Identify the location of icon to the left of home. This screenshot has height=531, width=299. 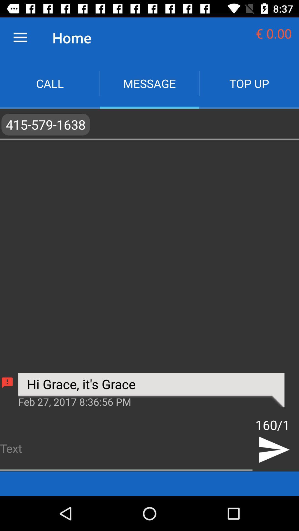
(20, 37).